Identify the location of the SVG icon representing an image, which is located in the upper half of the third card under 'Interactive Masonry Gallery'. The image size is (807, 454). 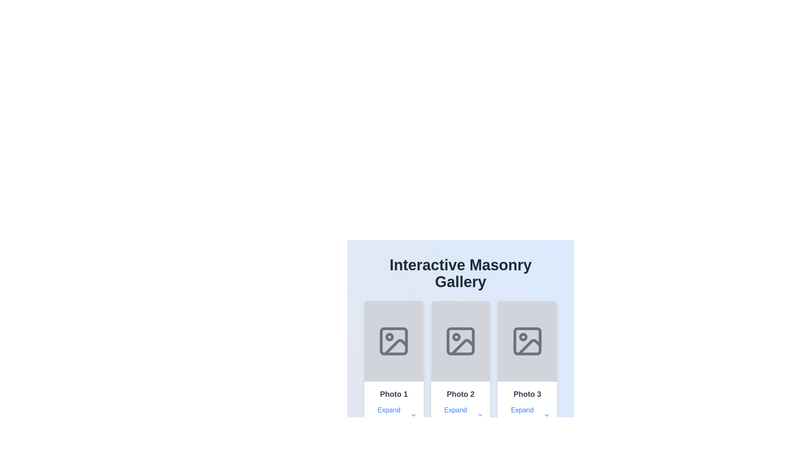
(527, 341).